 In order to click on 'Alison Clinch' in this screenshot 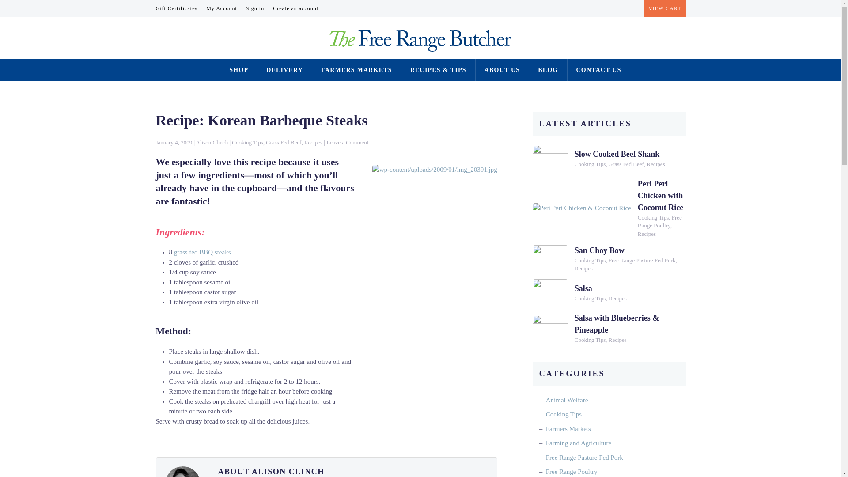, I will do `click(212, 142)`.